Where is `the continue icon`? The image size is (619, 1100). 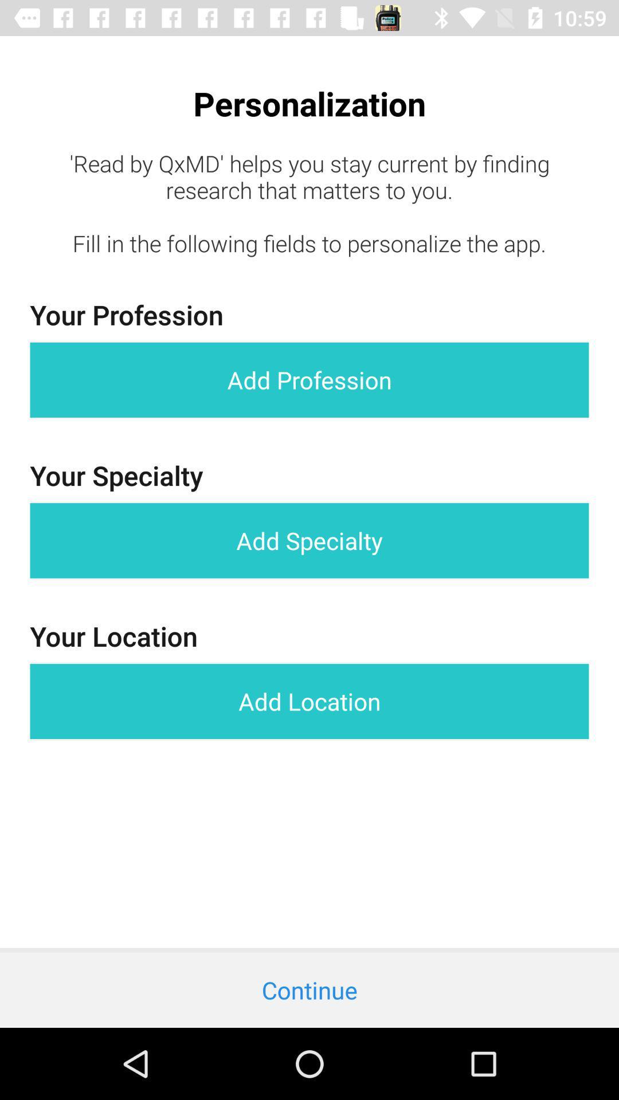 the continue icon is located at coordinates (309, 989).